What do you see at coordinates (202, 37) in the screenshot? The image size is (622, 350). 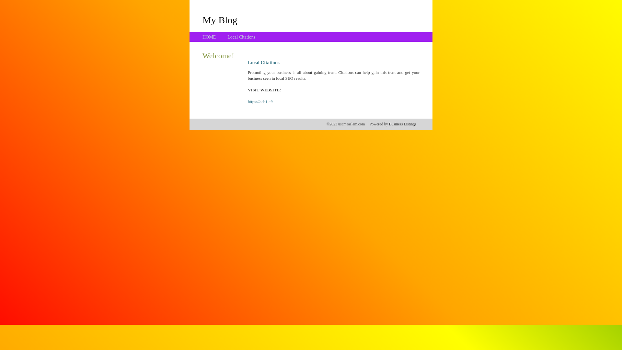 I see `'HOME'` at bounding box center [202, 37].